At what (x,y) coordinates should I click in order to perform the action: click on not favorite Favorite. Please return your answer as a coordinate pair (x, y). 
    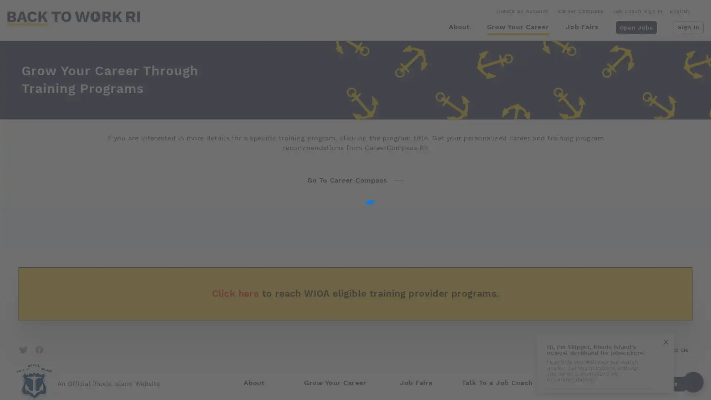
    Looking at the image, I should click on (318, 350).